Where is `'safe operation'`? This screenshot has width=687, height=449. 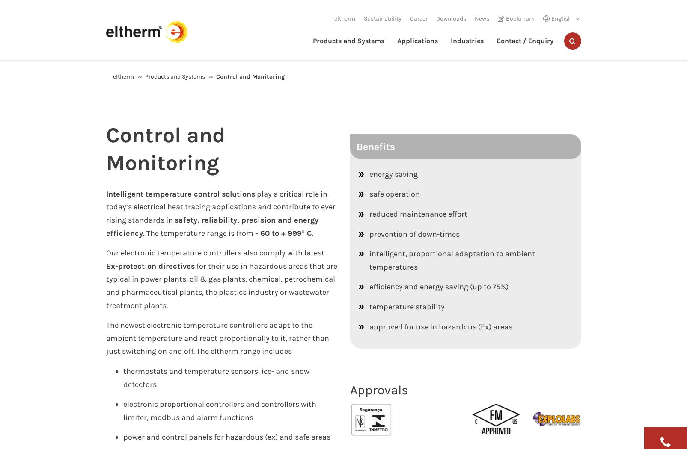 'safe operation' is located at coordinates (393, 194).